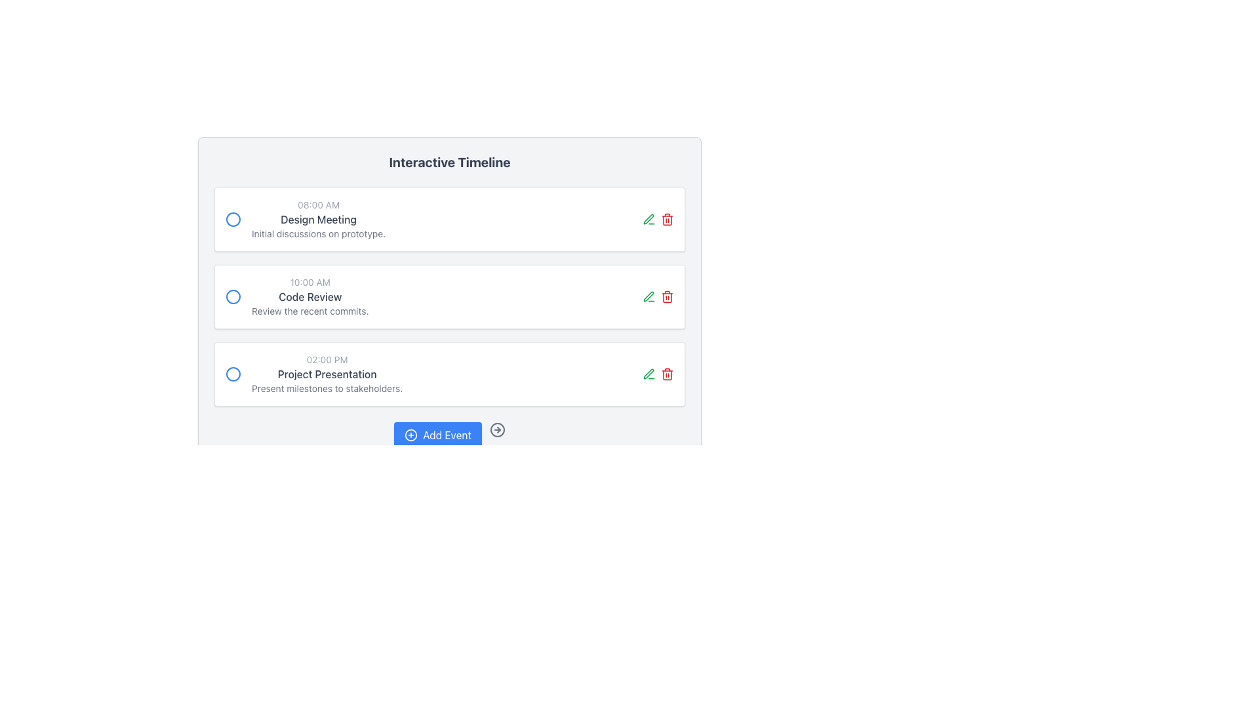 The width and height of the screenshot is (1259, 708). What do you see at coordinates (450, 296) in the screenshot?
I see `information displayed on the Task card located centrally in the timeline interface, positioned between 'Design Meeting' and 'Project Presentation'` at bounding box center [450, 296].